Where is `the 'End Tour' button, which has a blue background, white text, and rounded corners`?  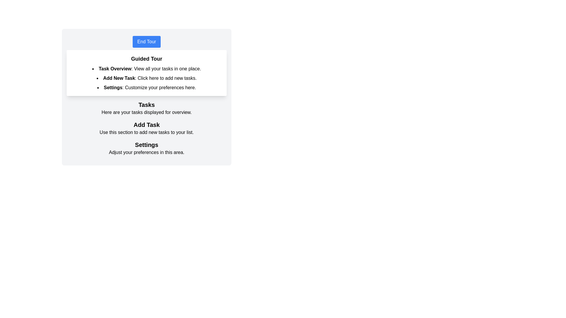
the 'End Tour' button, which has a blue background, white text, and rounded corners is located at coordinates (147, 42).